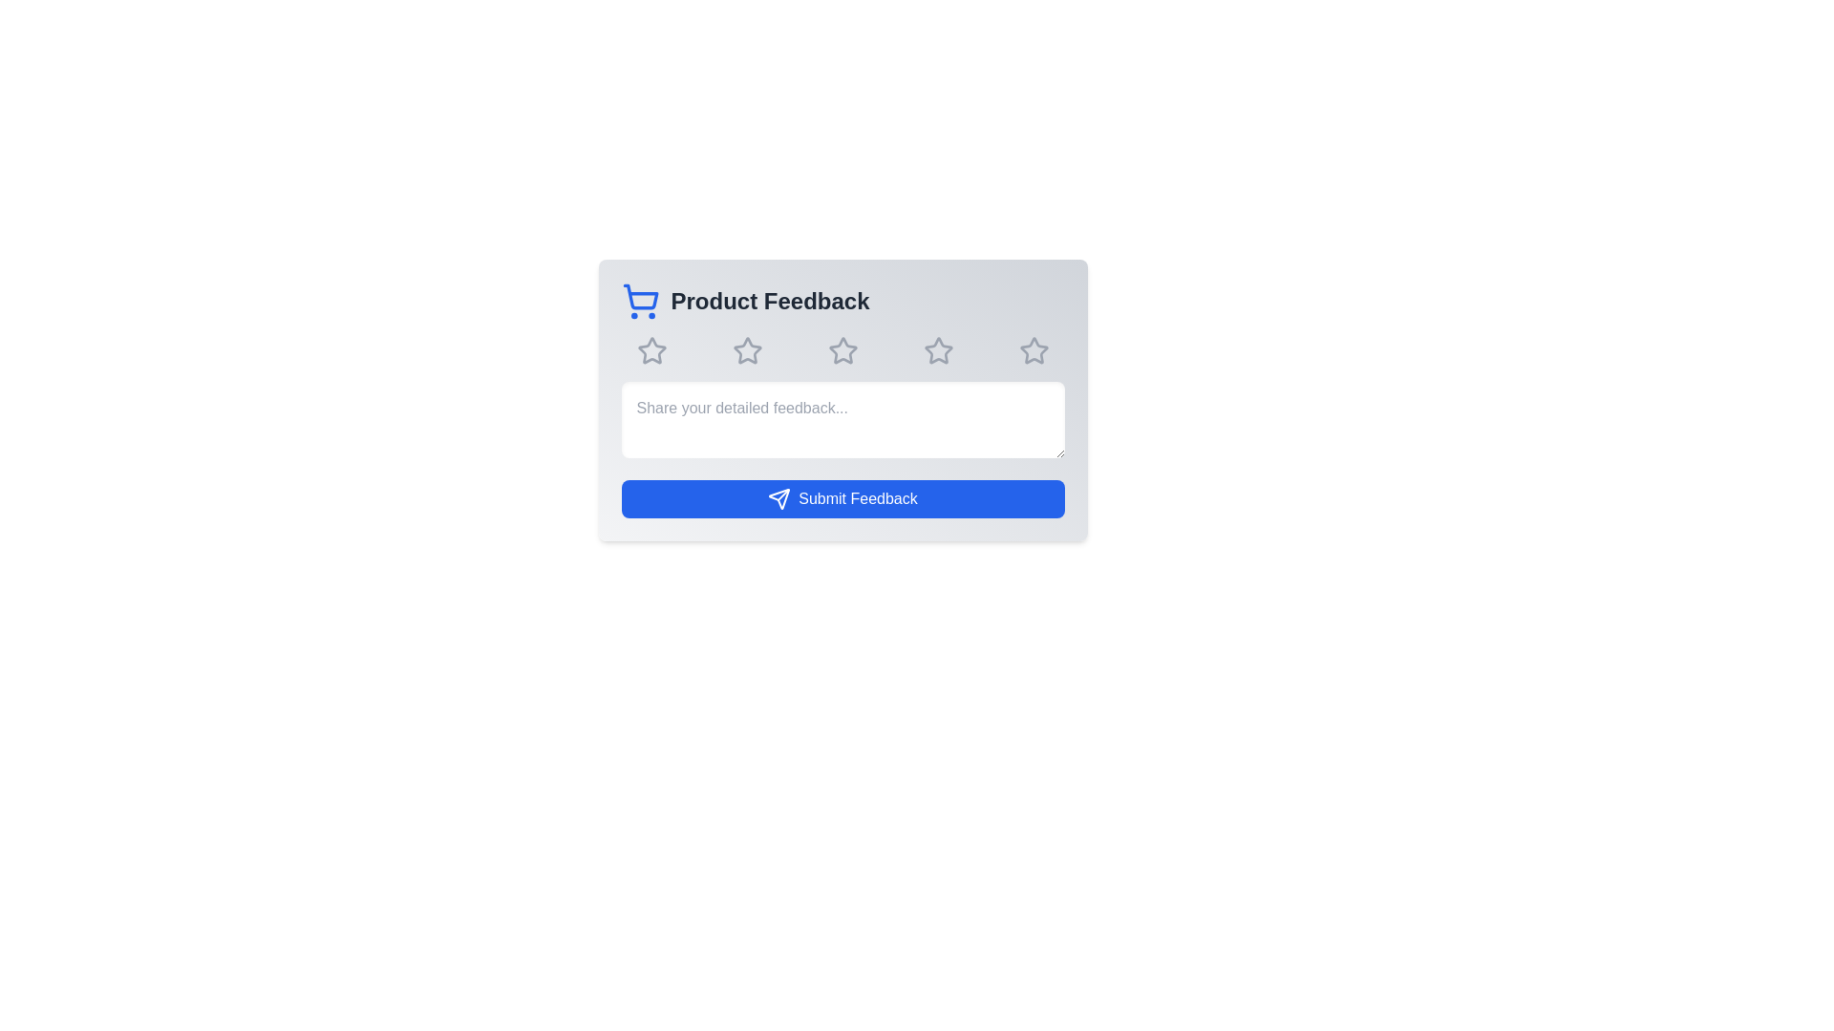 This screenshot has height=1031, width=1834. What do you see at coordinates (640, 301) in the screenshot?
I see `the shopping or purchasing-related Icon located on the left side within the product feedback section, adjacent to the text 'Product Feedback'` at bounding box center [640, 301].